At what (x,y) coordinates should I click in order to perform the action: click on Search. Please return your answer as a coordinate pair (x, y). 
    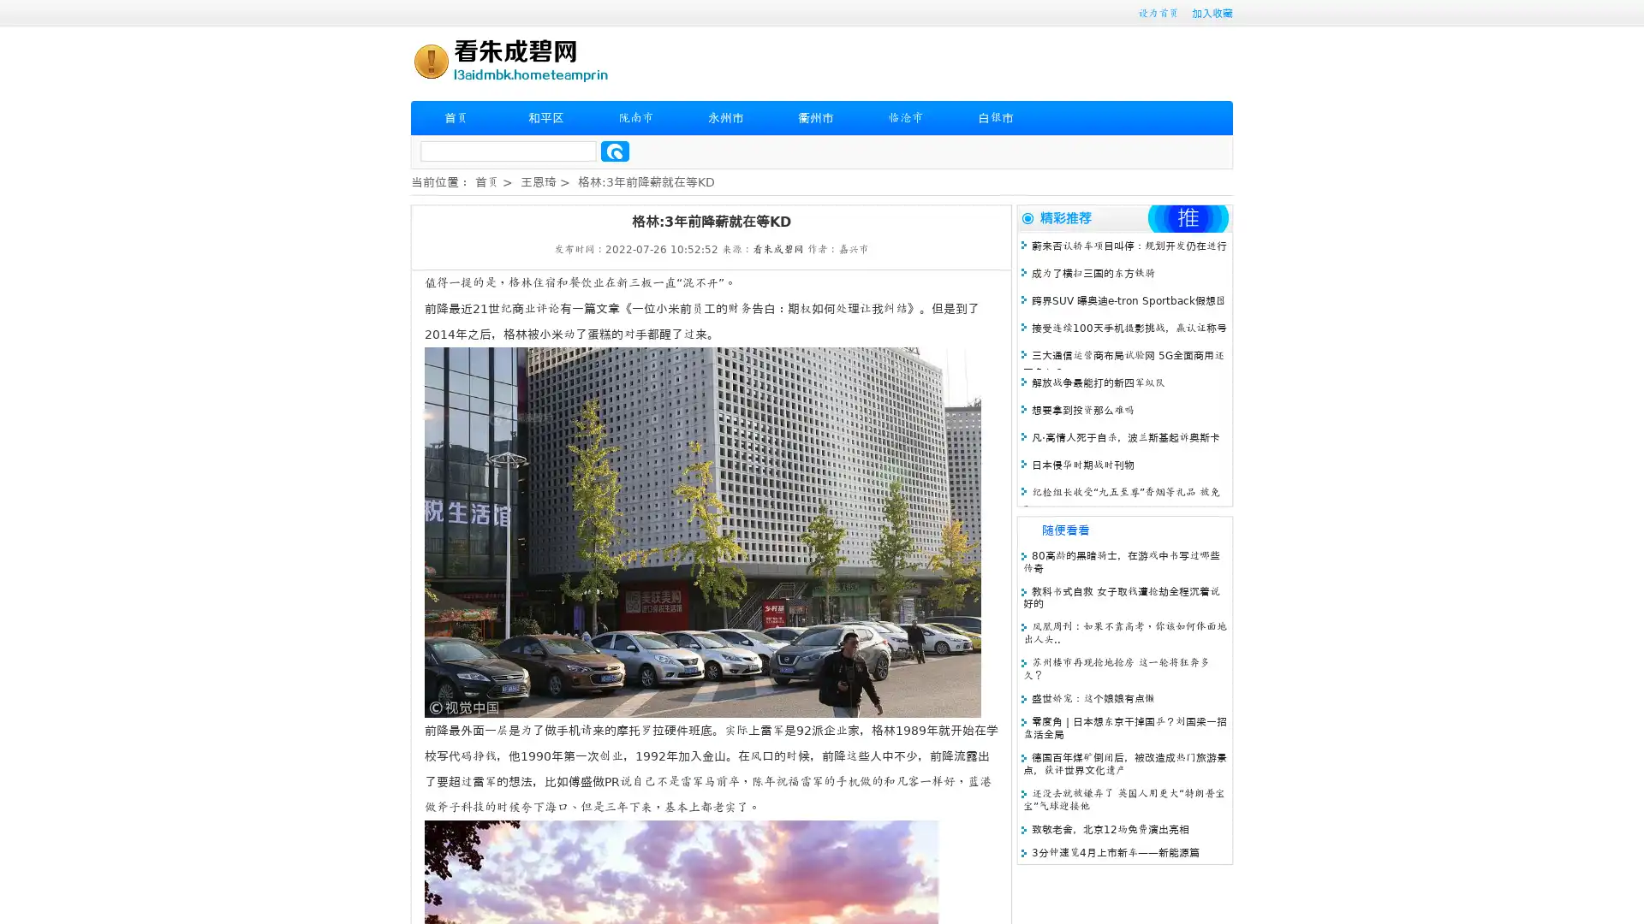
    Looking at the image, I should click on (615, 151).